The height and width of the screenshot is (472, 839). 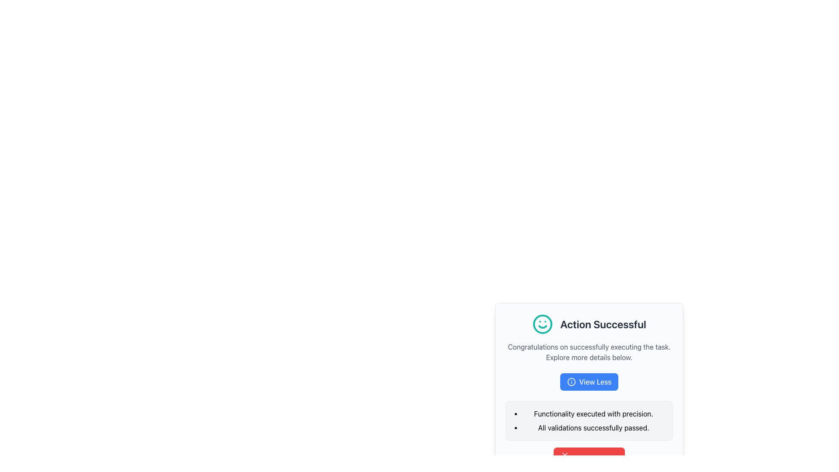 I want to click on the prominent text label displaying 'Action Successful', which is styled in a bold, large font and dark gray color, located centrally in its section alongside a large teal smiley face icon, so click(x=603, y=324).